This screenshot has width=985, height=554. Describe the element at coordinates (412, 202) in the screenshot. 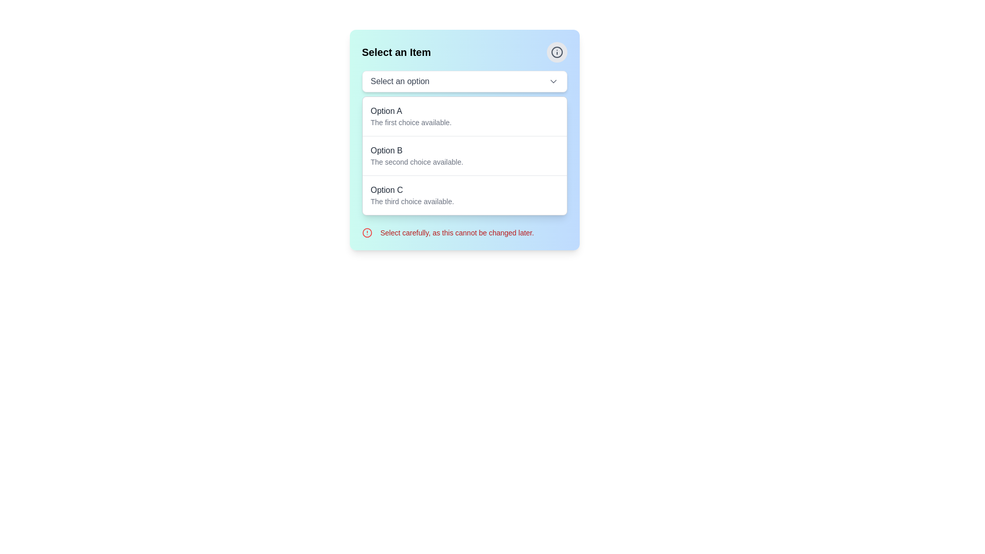

I see `the informational text that provides additional descriptive information for the 'Option C' selection, located below 'Option C' in the dropdown section` at that location.